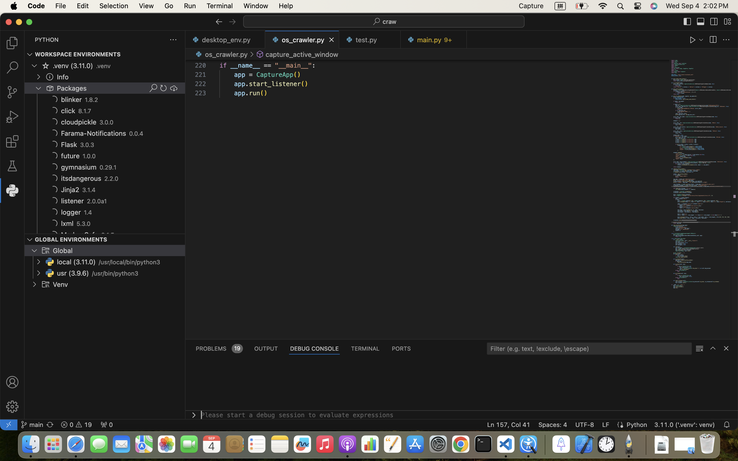 Image resolution: width=738 pixels, height=461 pixels. What do you see at coordinates (726, 40) in the screenshot?
I see `''` at bounding box center [726, 40].